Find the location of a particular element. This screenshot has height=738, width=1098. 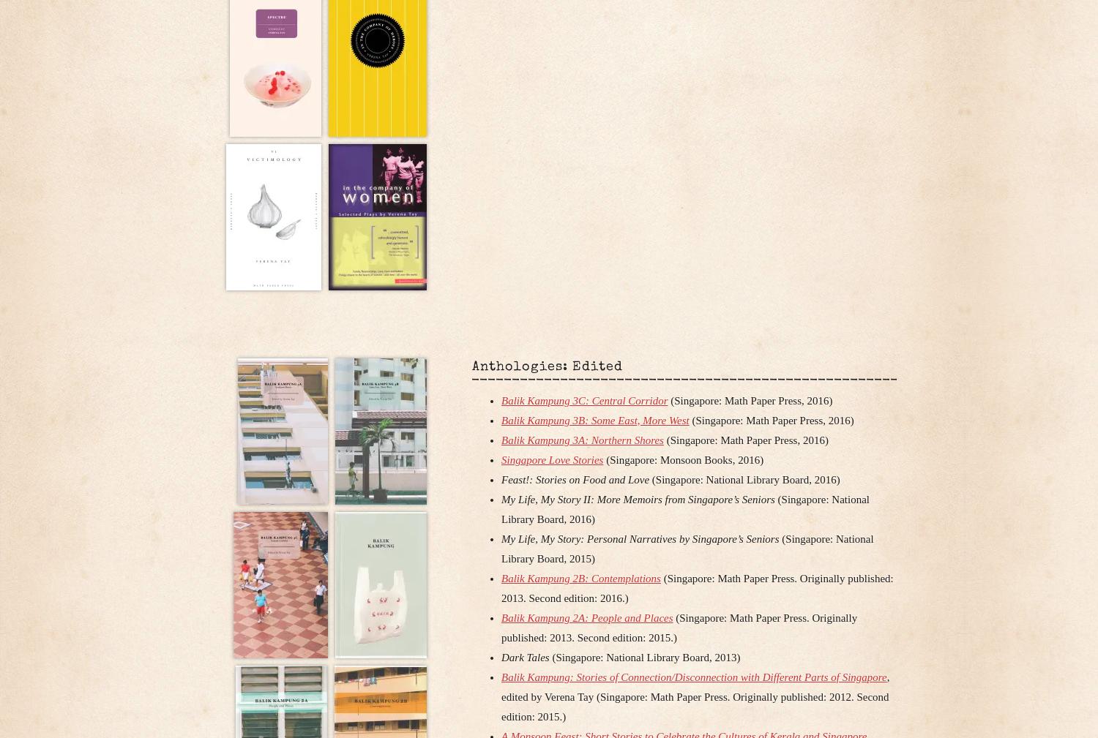

'(Singapore: Math Paper Press. Originally published: 2013. Second edition: 2015.)' is located at coordinates (679, 627).